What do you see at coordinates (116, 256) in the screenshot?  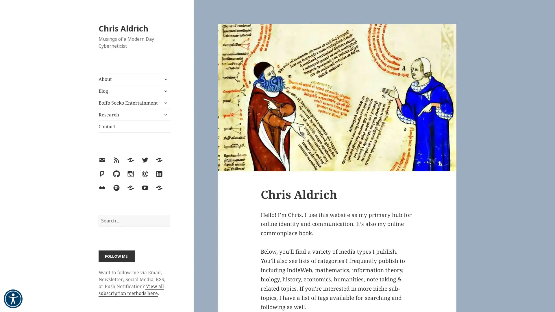 I see `Follow Me!` at bounding box center [116, 256].